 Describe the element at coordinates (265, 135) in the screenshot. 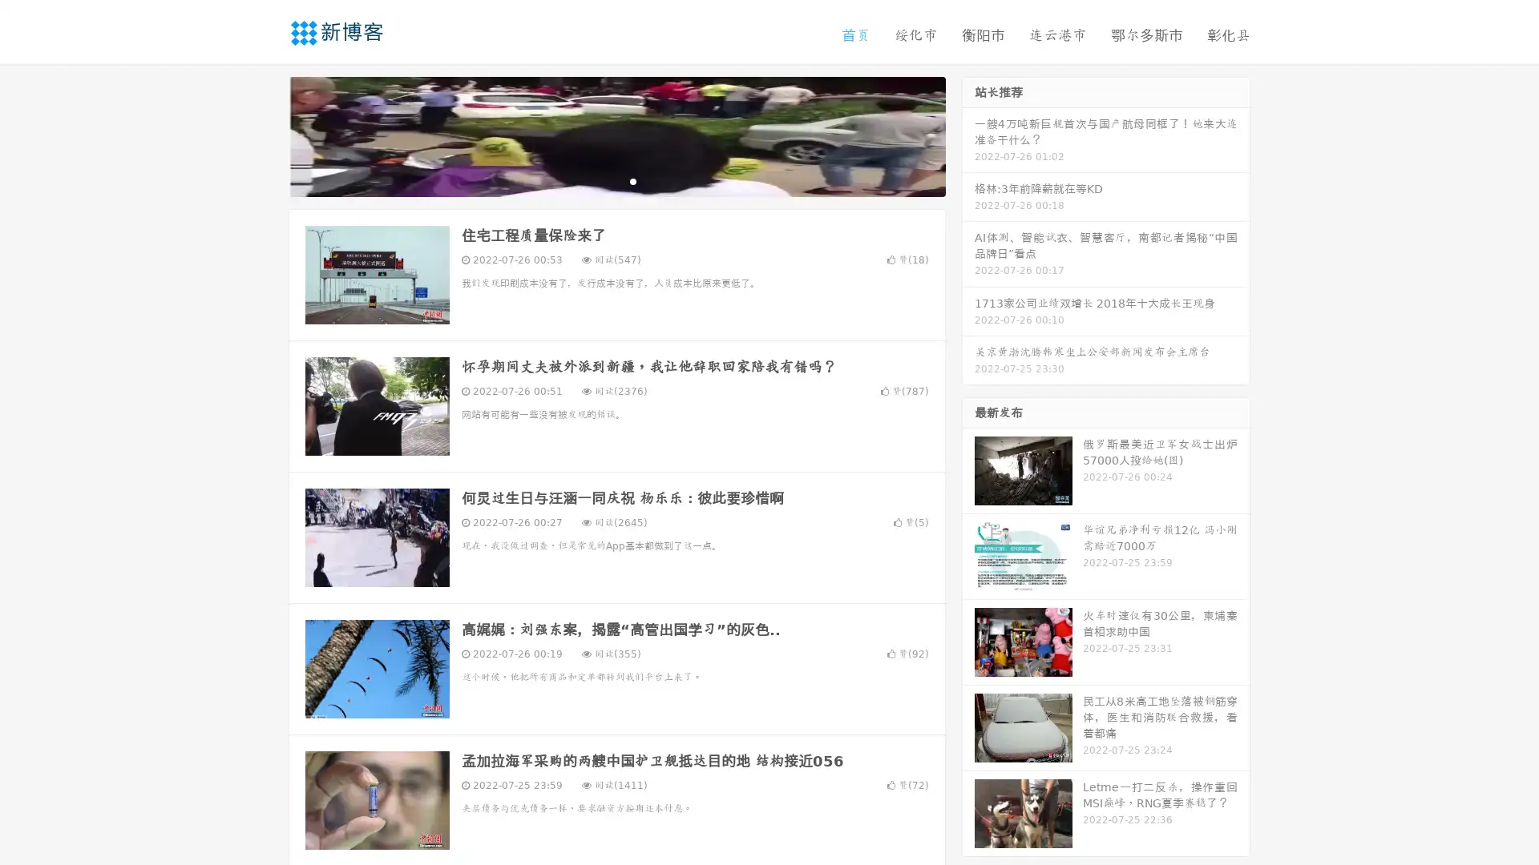

I see `Previous slide` at that location.